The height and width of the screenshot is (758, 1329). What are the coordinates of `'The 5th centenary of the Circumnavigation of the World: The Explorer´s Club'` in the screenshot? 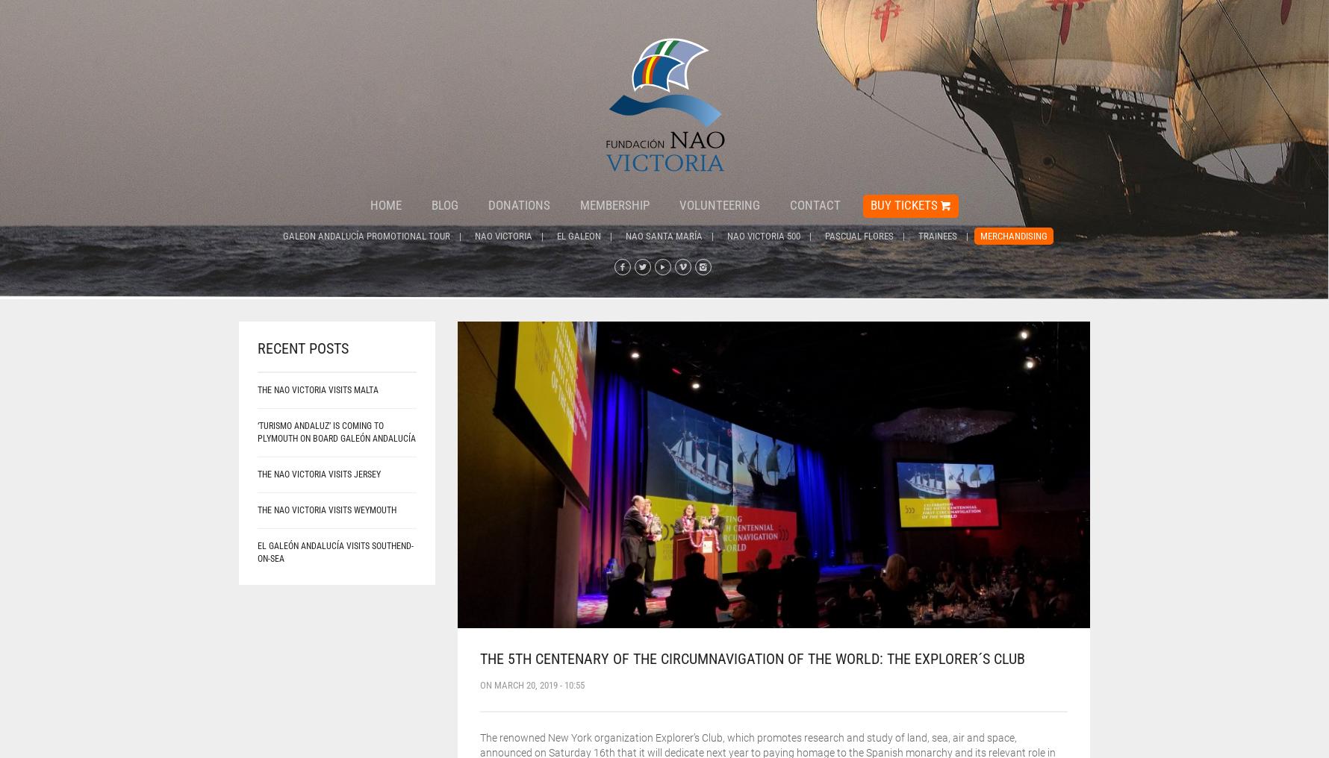 It's located at (750, 657).